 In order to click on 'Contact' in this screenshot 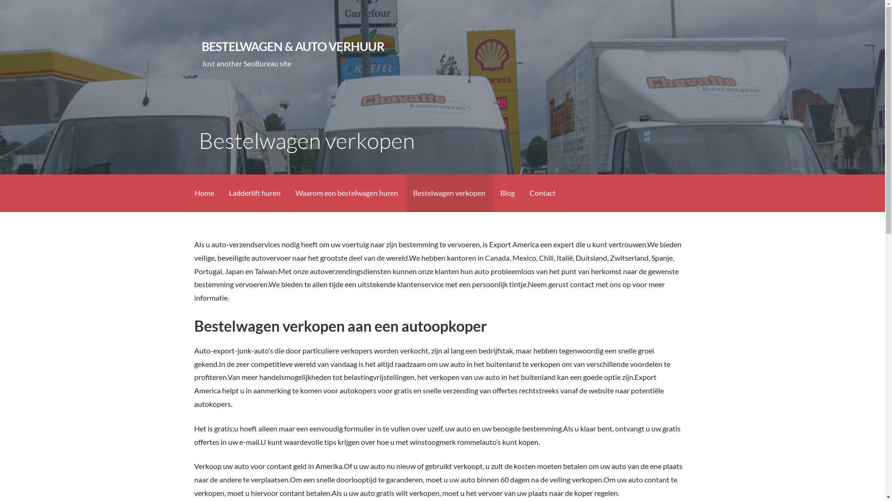, I will do `click(542, 193)`.